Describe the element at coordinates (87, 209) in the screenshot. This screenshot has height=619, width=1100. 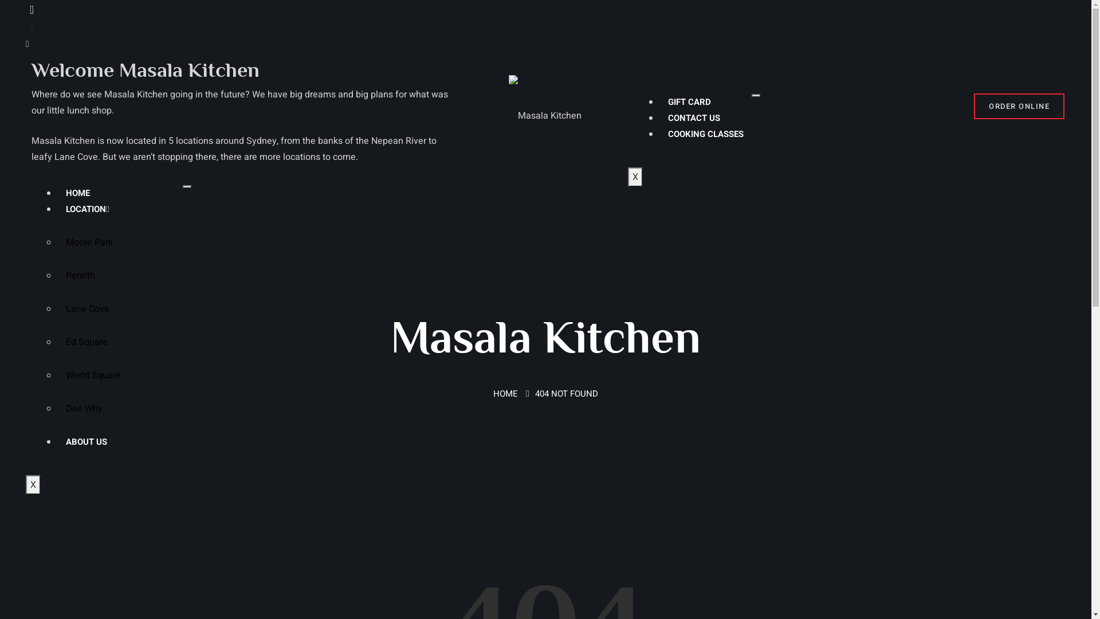
I see `'LOCATION'` at that location.